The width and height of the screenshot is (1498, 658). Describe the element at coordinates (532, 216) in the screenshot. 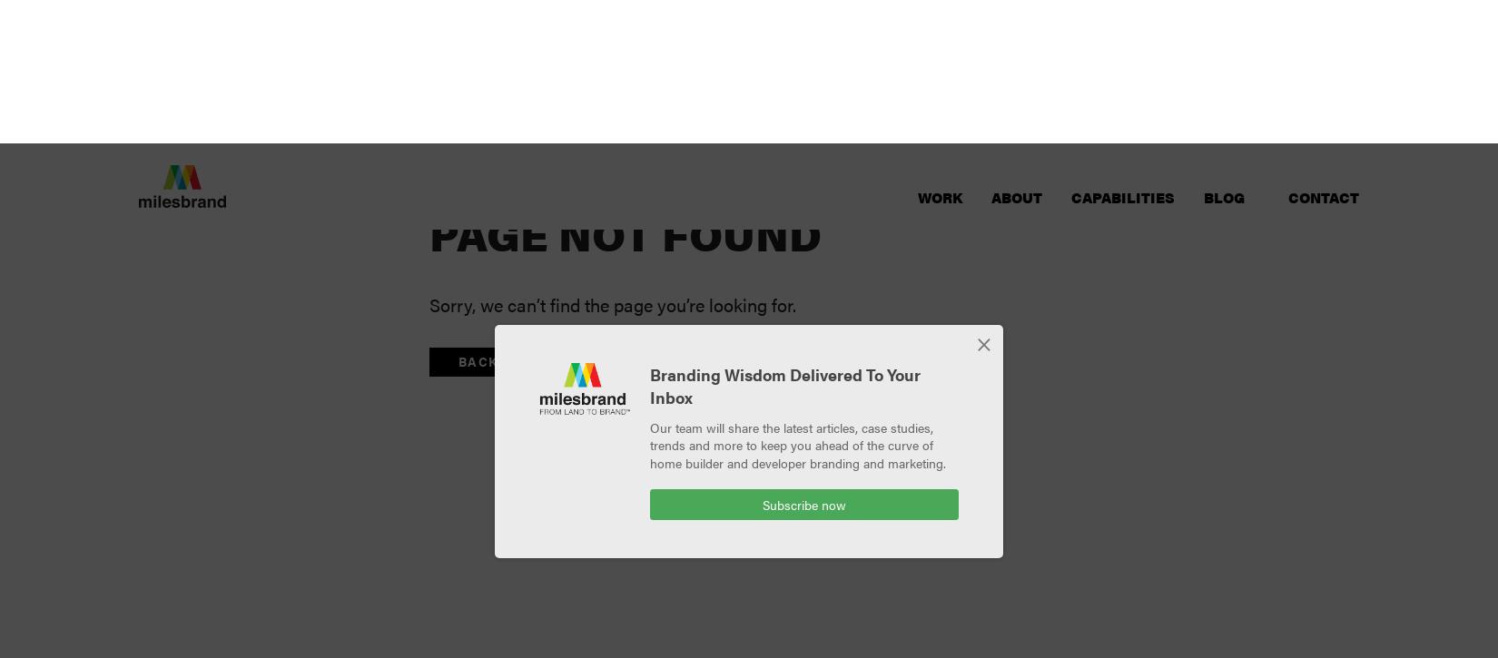

I see `'Back to Homepage'` at that location.